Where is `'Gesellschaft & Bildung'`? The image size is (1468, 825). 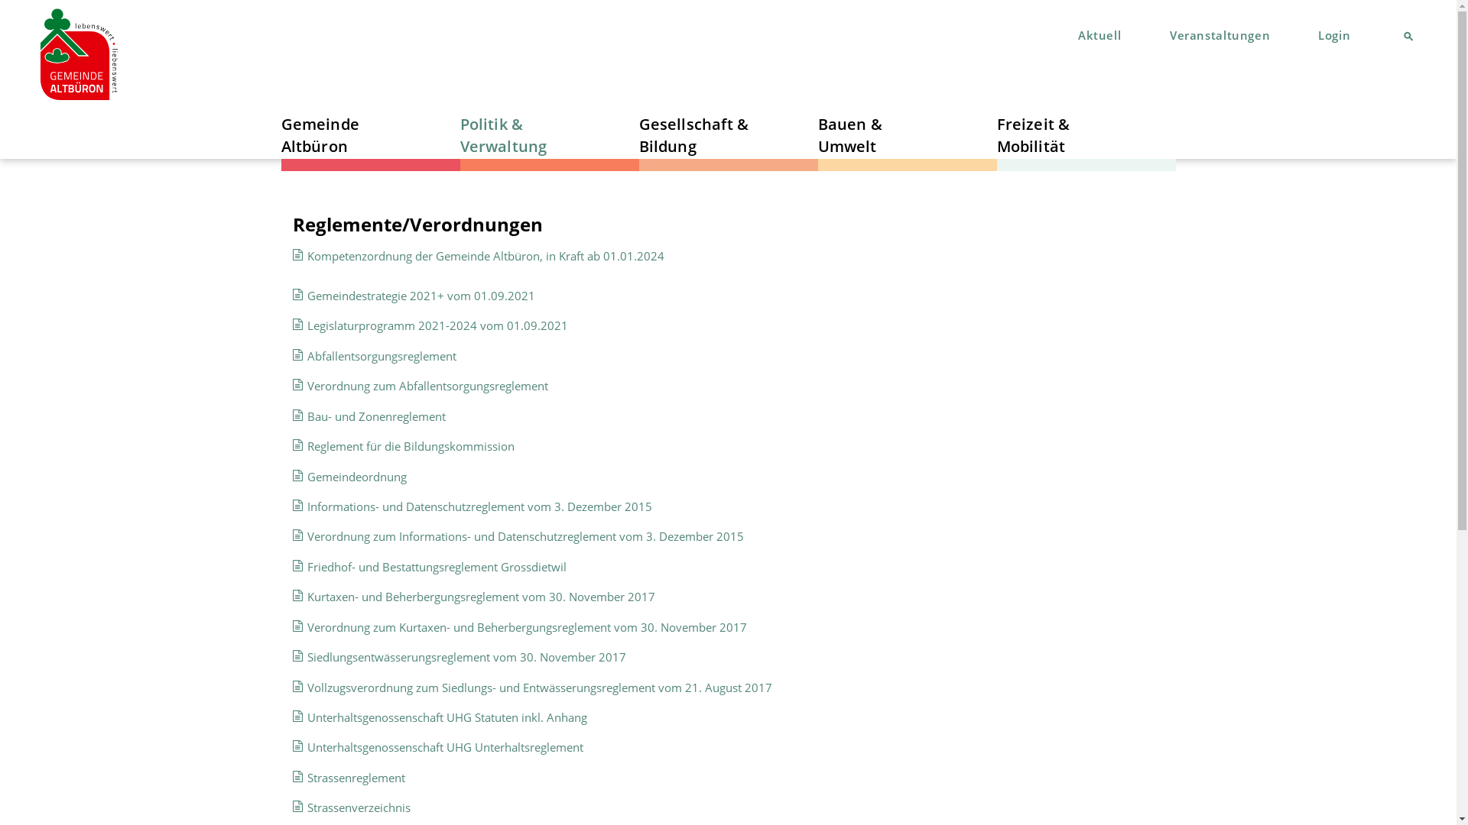
'Gesellschaft & Bildung' is located at coordinates (700, 134).